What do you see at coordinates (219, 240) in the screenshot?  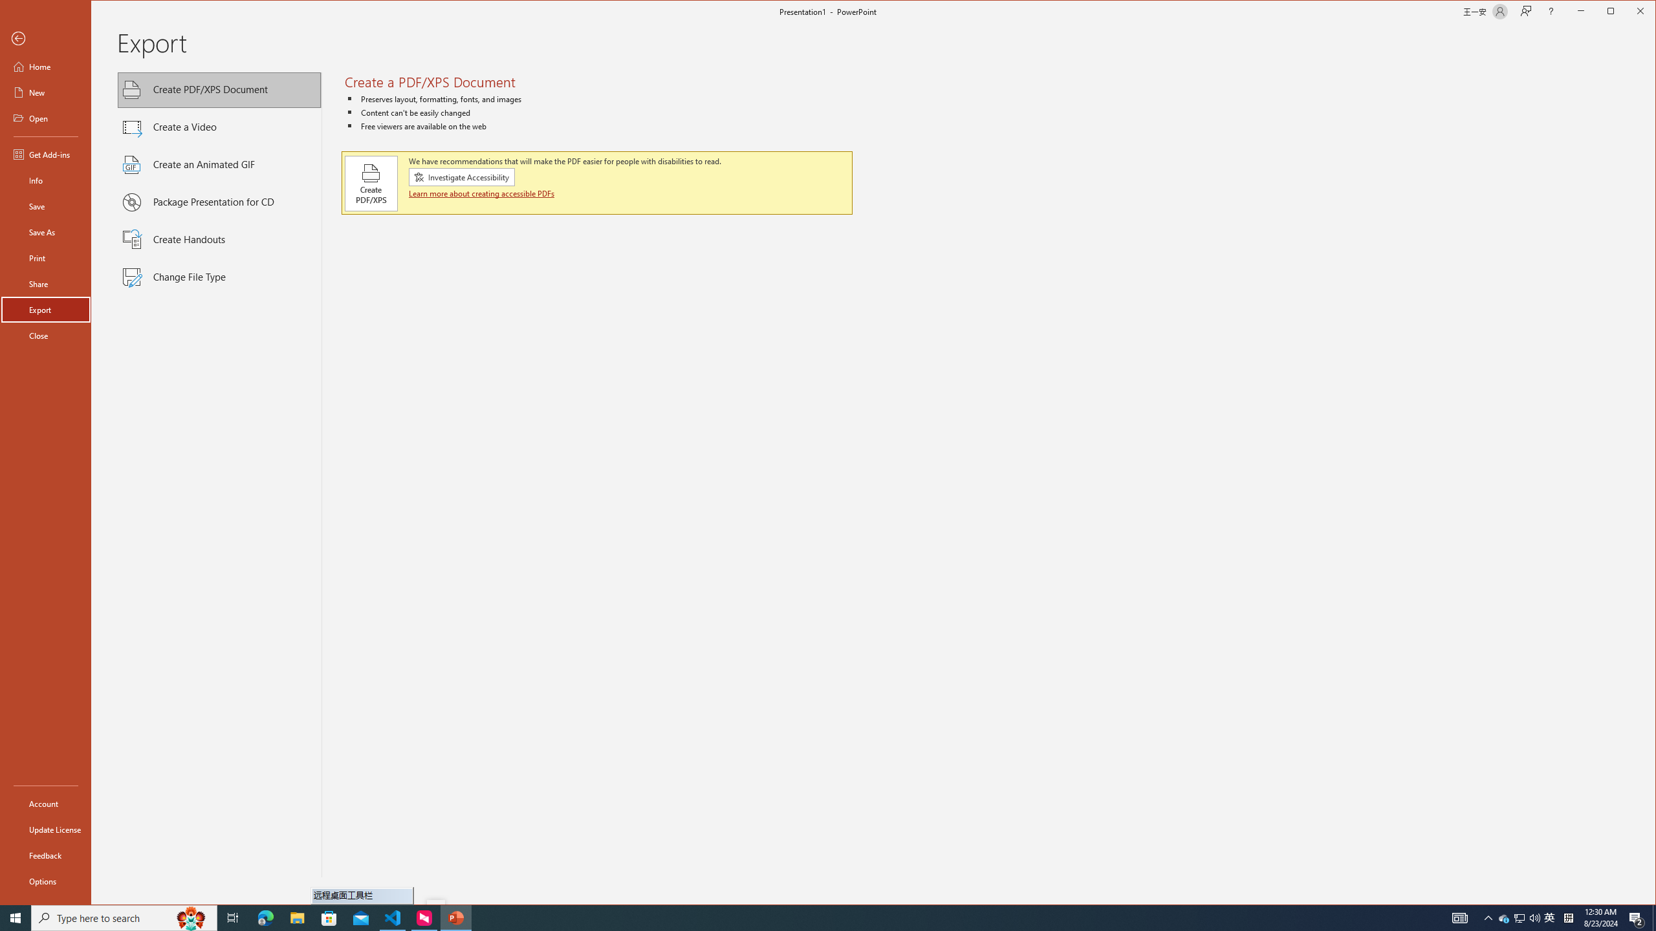 I see `'Create Handouts'` at bounding box center [219, 240].